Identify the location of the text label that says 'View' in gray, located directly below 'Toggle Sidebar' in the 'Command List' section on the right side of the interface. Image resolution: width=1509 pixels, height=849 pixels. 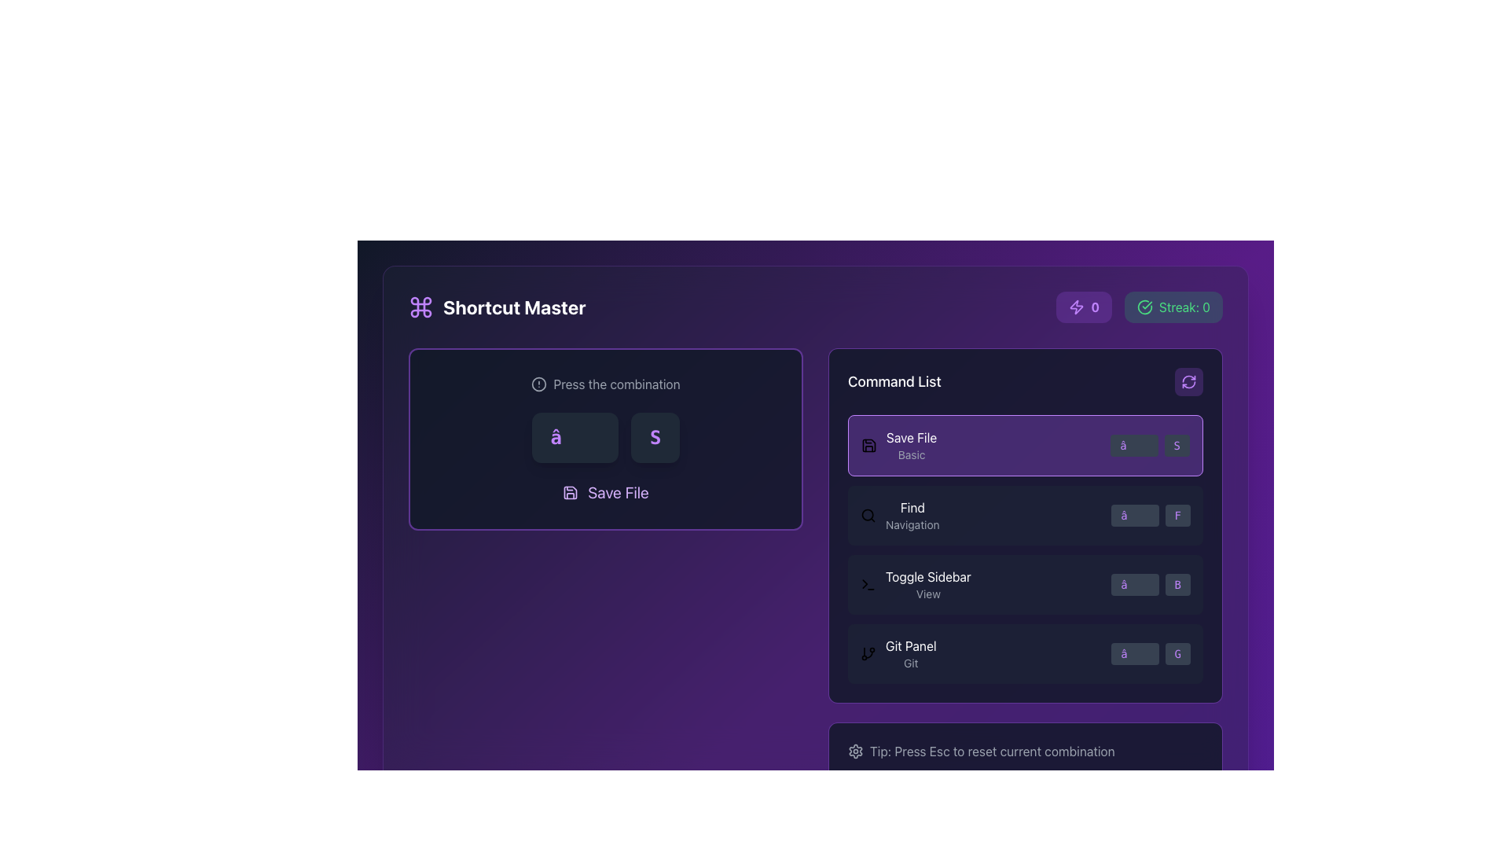
(928, 594).